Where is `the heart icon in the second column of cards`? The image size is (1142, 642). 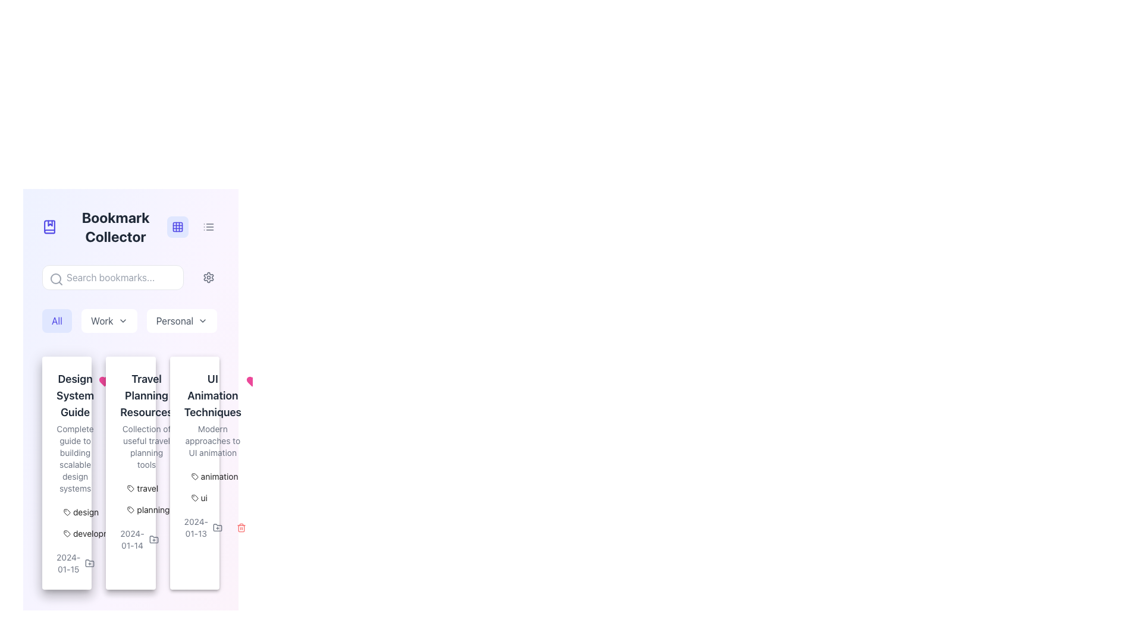
the heart icon in the second column of cards is located at coordinates (105, 381).